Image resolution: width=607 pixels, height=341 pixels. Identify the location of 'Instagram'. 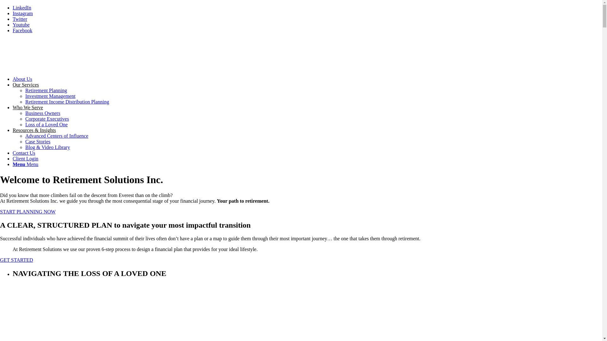
(23, 13).